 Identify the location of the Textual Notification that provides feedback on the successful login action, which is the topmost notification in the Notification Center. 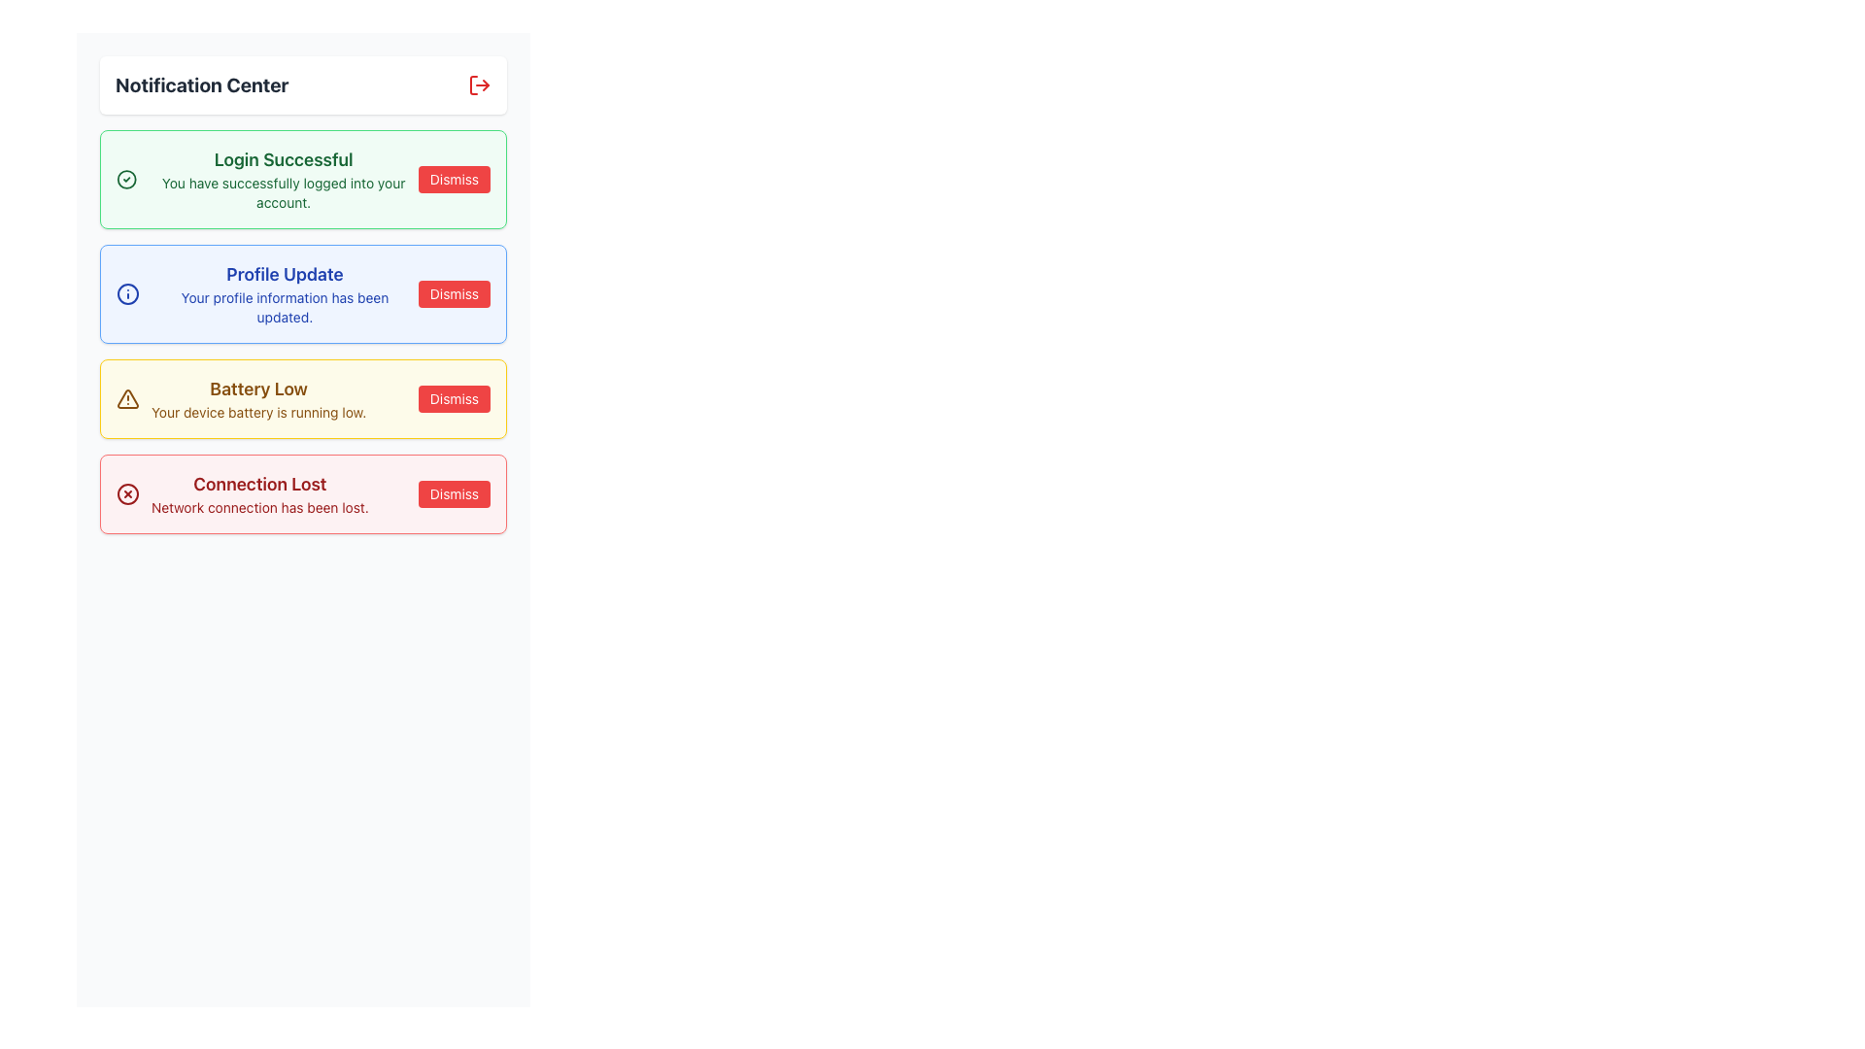
(283, 180).